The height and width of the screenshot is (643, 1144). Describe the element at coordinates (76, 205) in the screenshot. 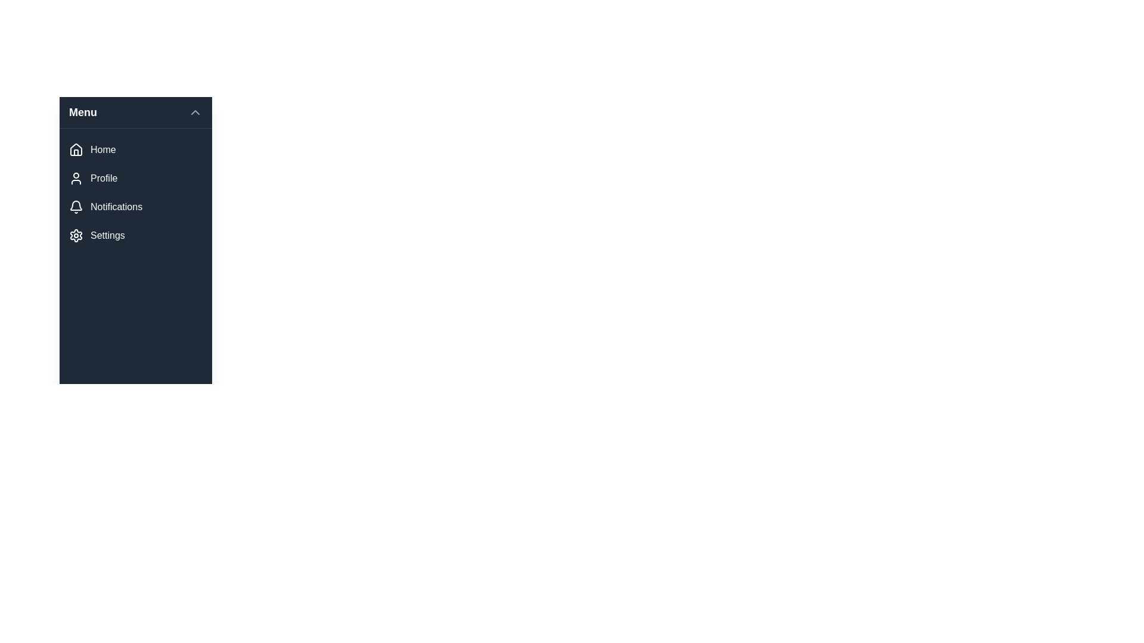

I see `the graphical icon resembling a bell in the notifications menu, positioned beside the 'Notifications' text label` at that location.